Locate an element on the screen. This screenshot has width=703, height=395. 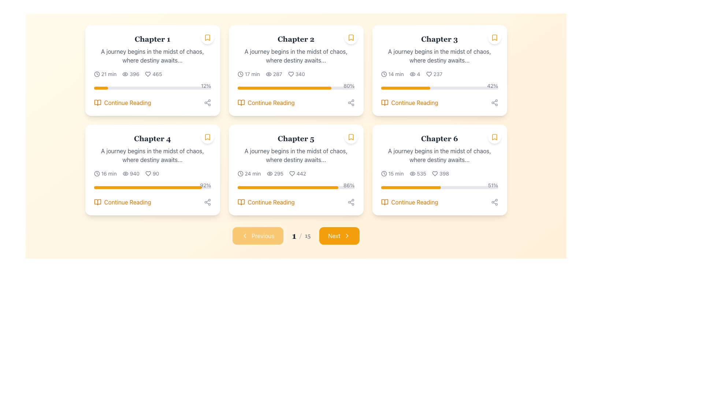
the amber bookmark icon button located in the top-right corner of the 'Chapter 5' card is located at coordinates (350, 137).